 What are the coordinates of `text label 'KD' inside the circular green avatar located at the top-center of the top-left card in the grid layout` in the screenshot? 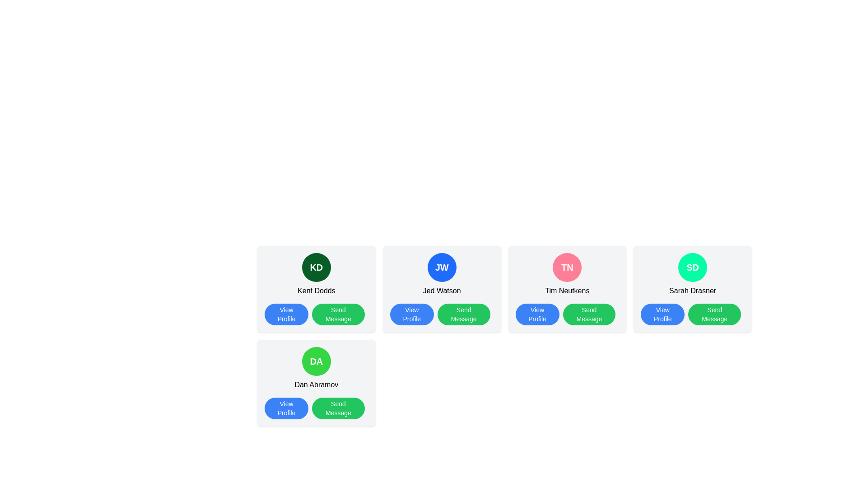 It's located at (316, 267).